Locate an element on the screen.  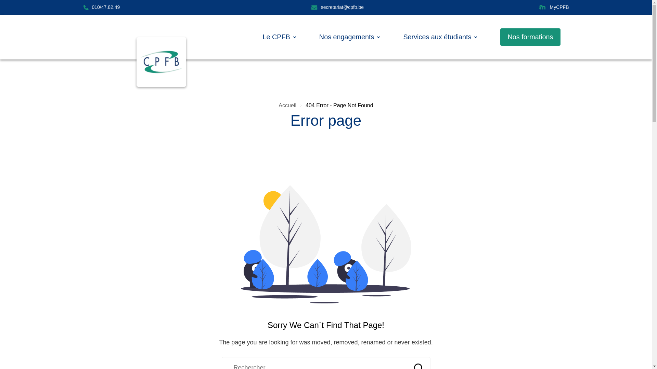
'Nos formations' is located at coordinates (530, 37).